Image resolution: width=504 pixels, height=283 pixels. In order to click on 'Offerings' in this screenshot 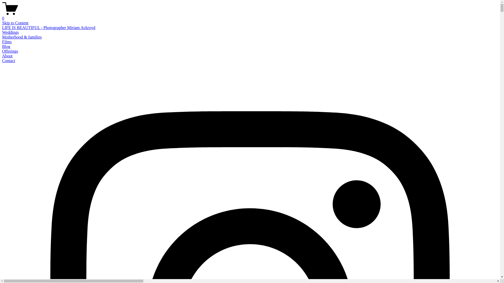, I will do `click(10, 51)`.